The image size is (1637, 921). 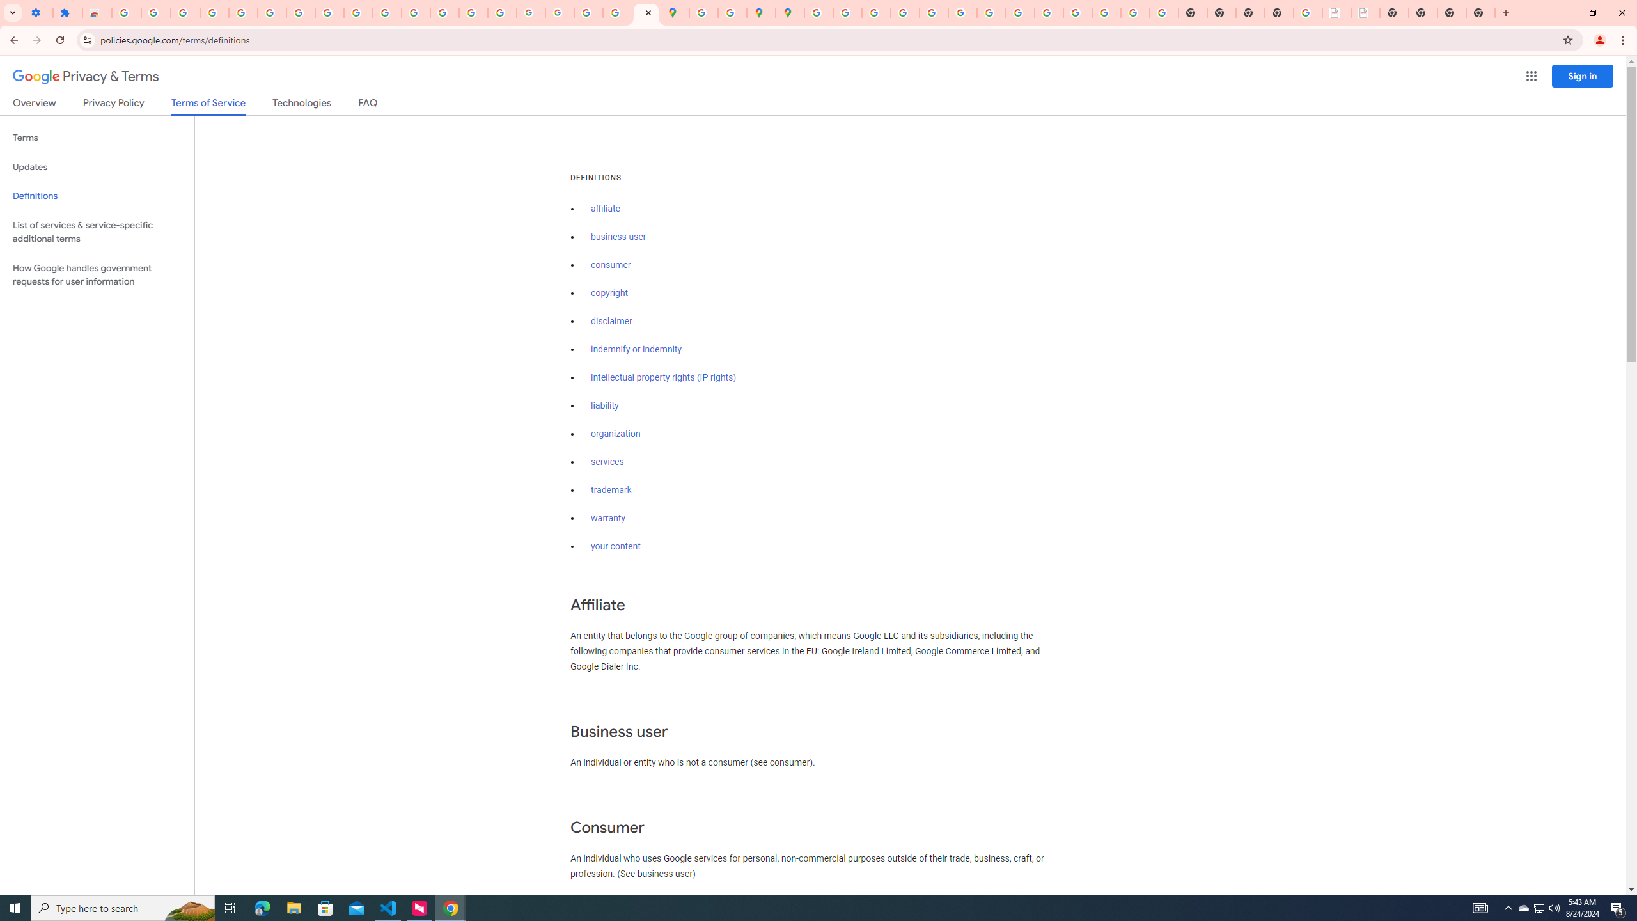 I want to click on 'indemnify or indemnity', so click(x=636, y=350).